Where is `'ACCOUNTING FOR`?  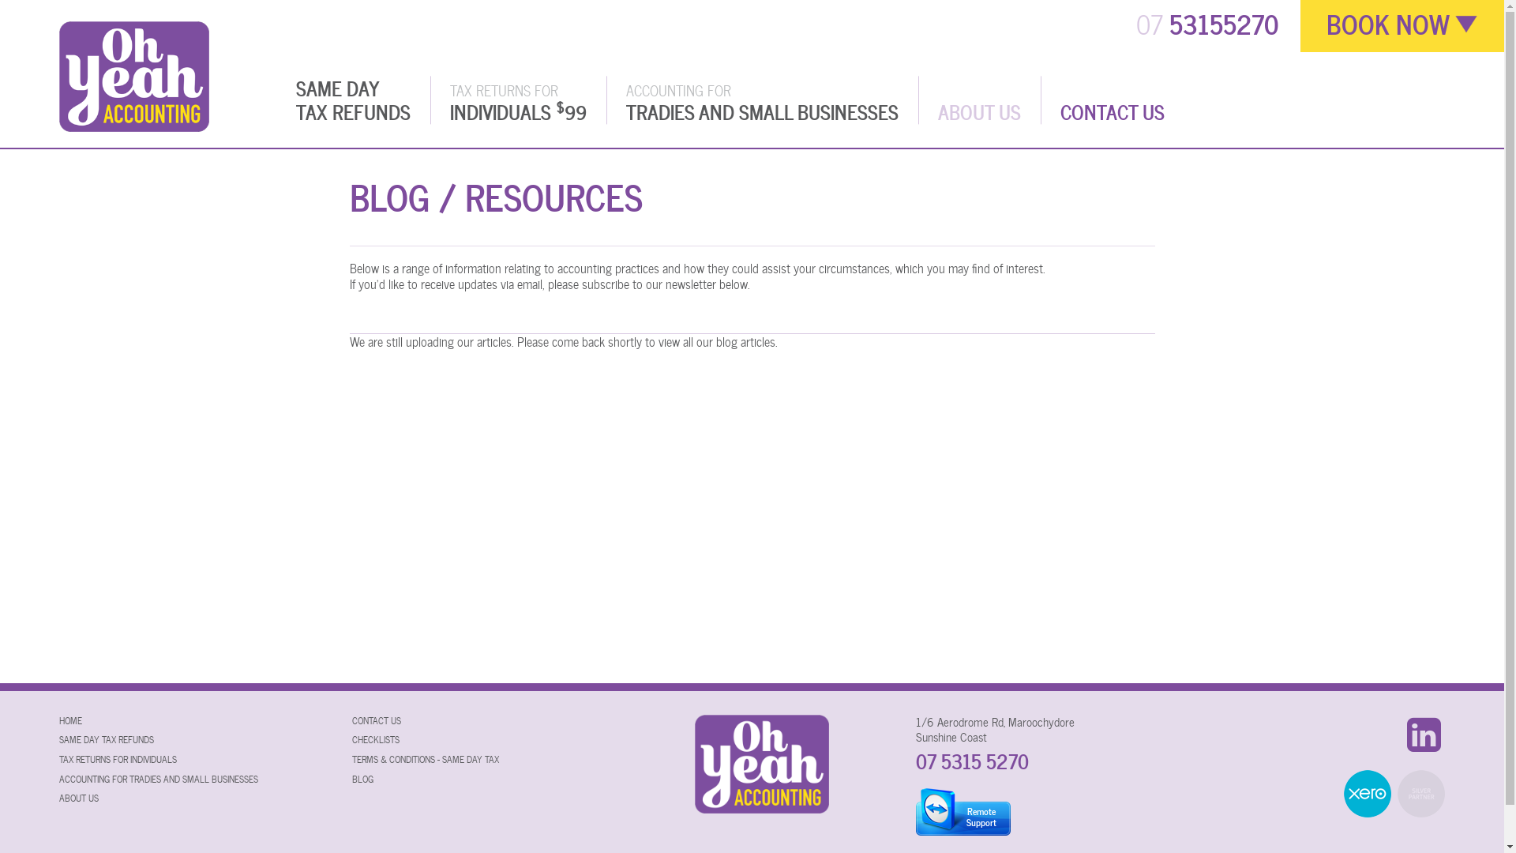
'ACCOUNTING FOR is located at coordinates (762, 100).